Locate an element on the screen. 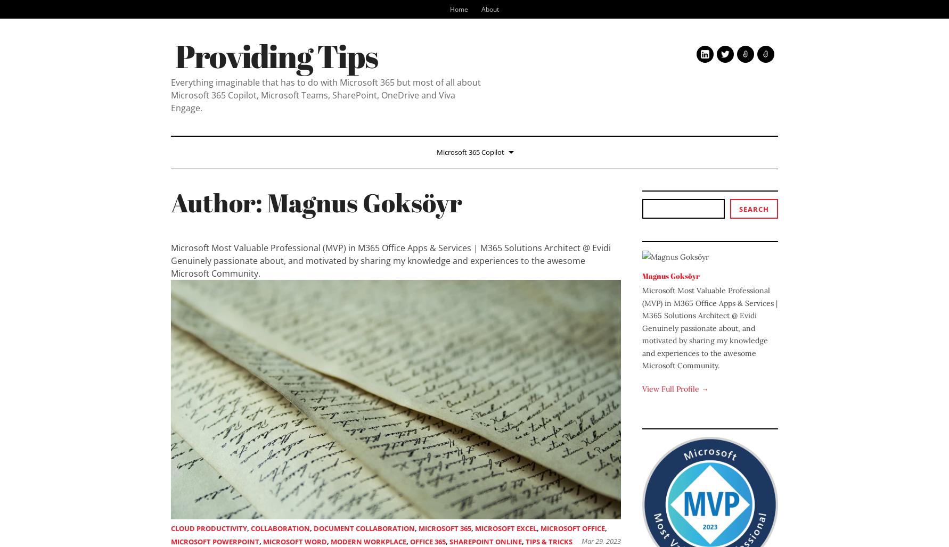 This screenshot has height=547, width=949. 'Microsoft PowerPoint' is located at coordinates (215, 541).